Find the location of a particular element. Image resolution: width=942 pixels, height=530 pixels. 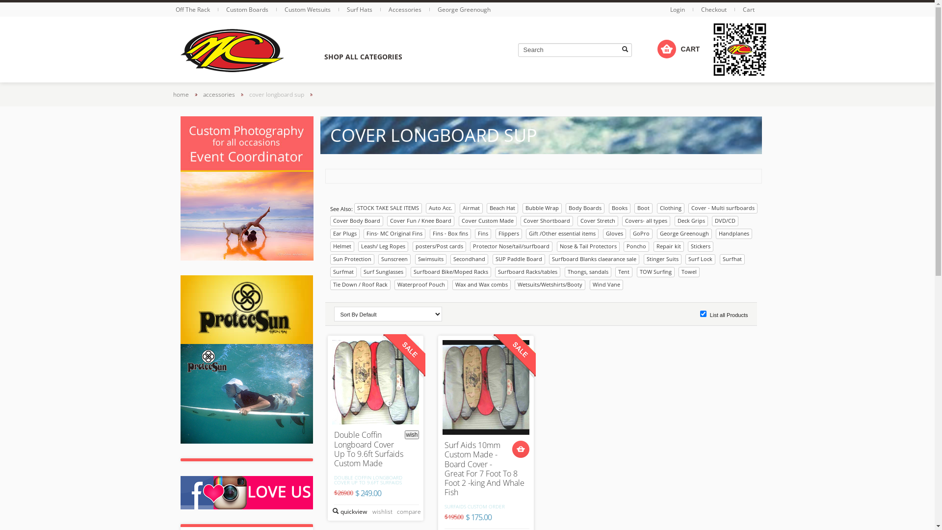

'Wax and Wax combs' is located at coordinates (451, 285).